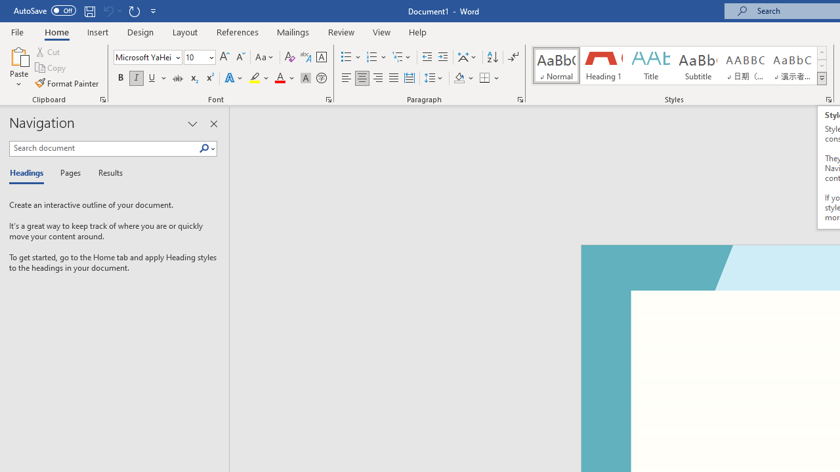 This screenshot has width=840, height=472. Describe the element at coordinates (346, 78) in the screenshot. I see `'Align Left'` at that location.